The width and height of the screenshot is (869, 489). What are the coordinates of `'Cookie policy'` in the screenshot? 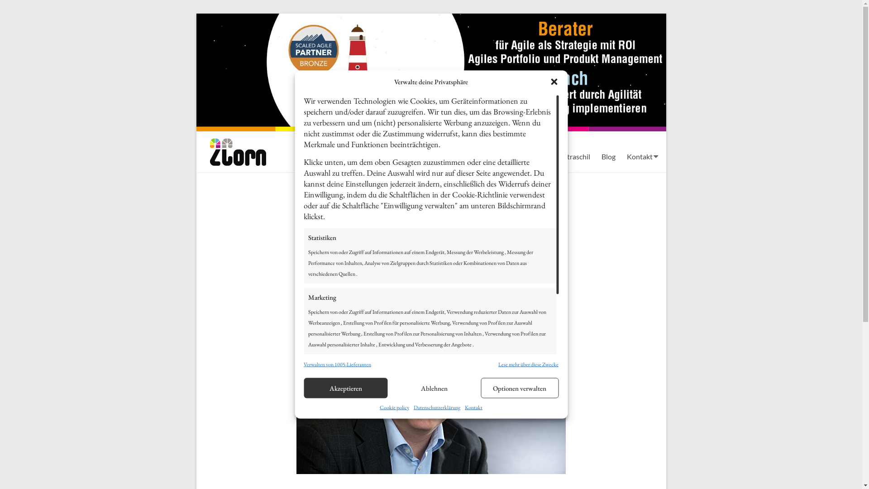 It's located at (394, 407).